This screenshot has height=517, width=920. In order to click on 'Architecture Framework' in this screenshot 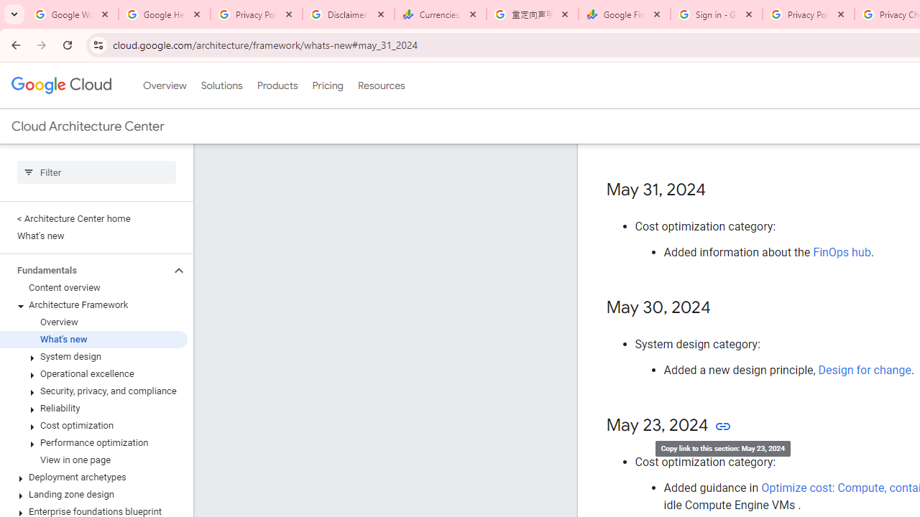, I will do `click(93, 304)`.